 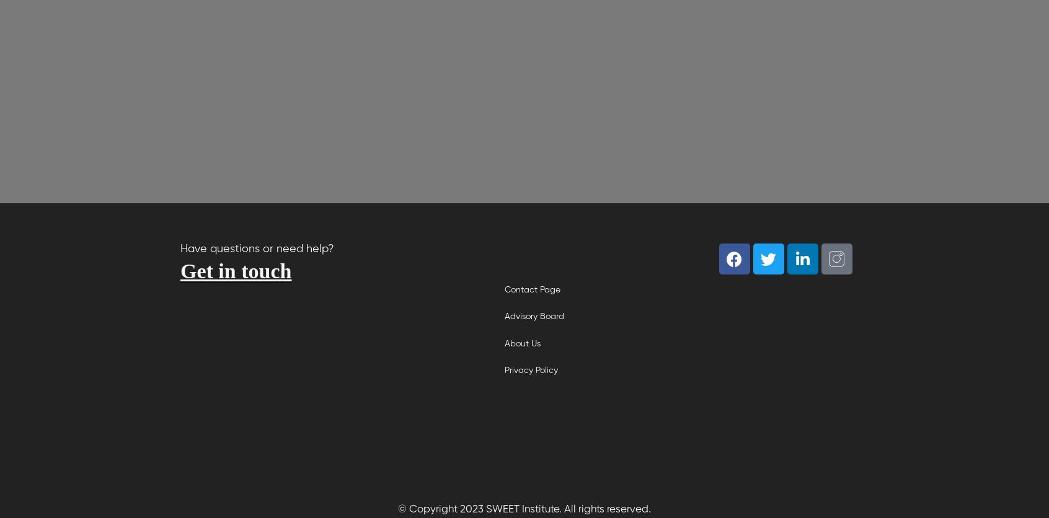 I want to click on 'contact@sweetinstitute.com', so click(x=304, y=362).